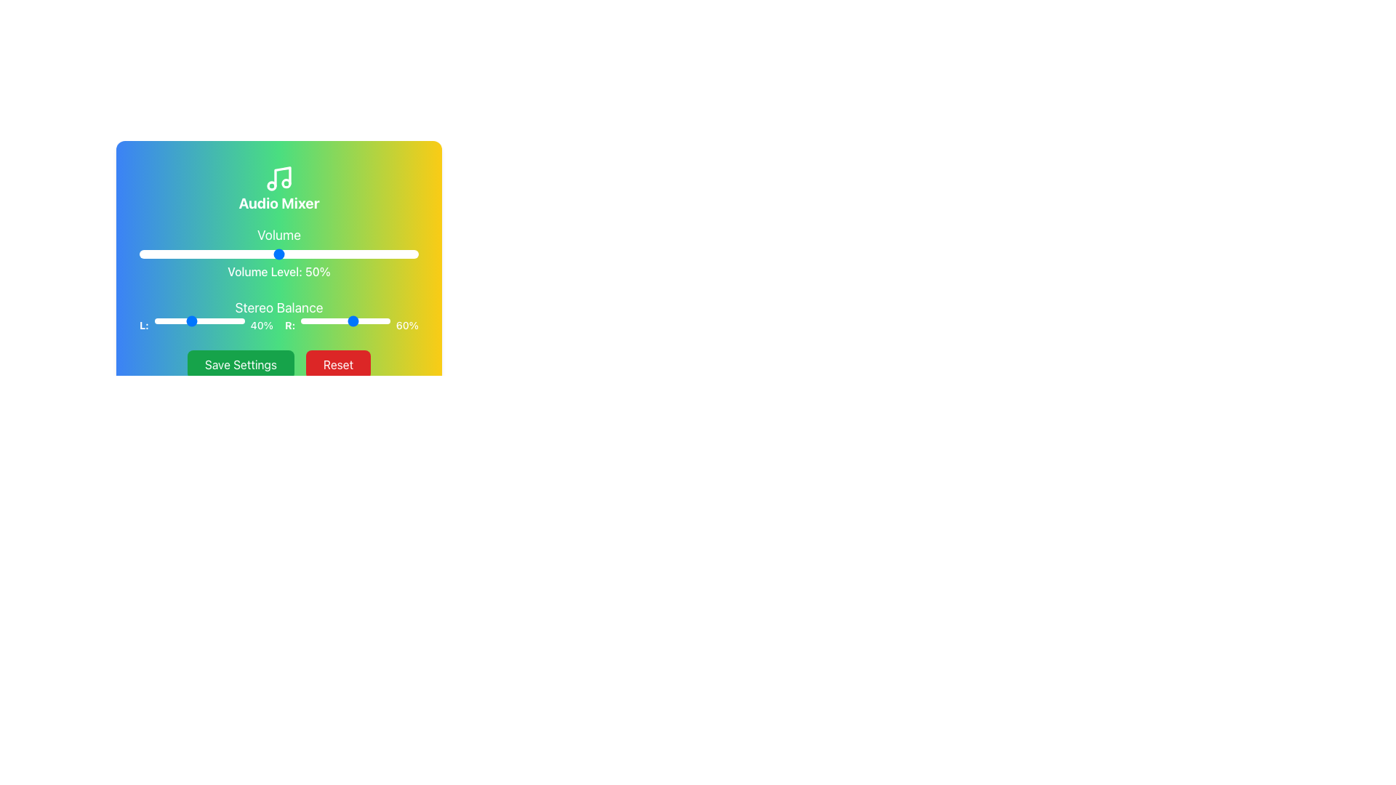 The image size is (1396, 785). What do you see at coordinates (279, 315) in the screenshot?
I see `the interactive sliders of the 'Stereo Balance' control group` at bounding box center [279, 315].